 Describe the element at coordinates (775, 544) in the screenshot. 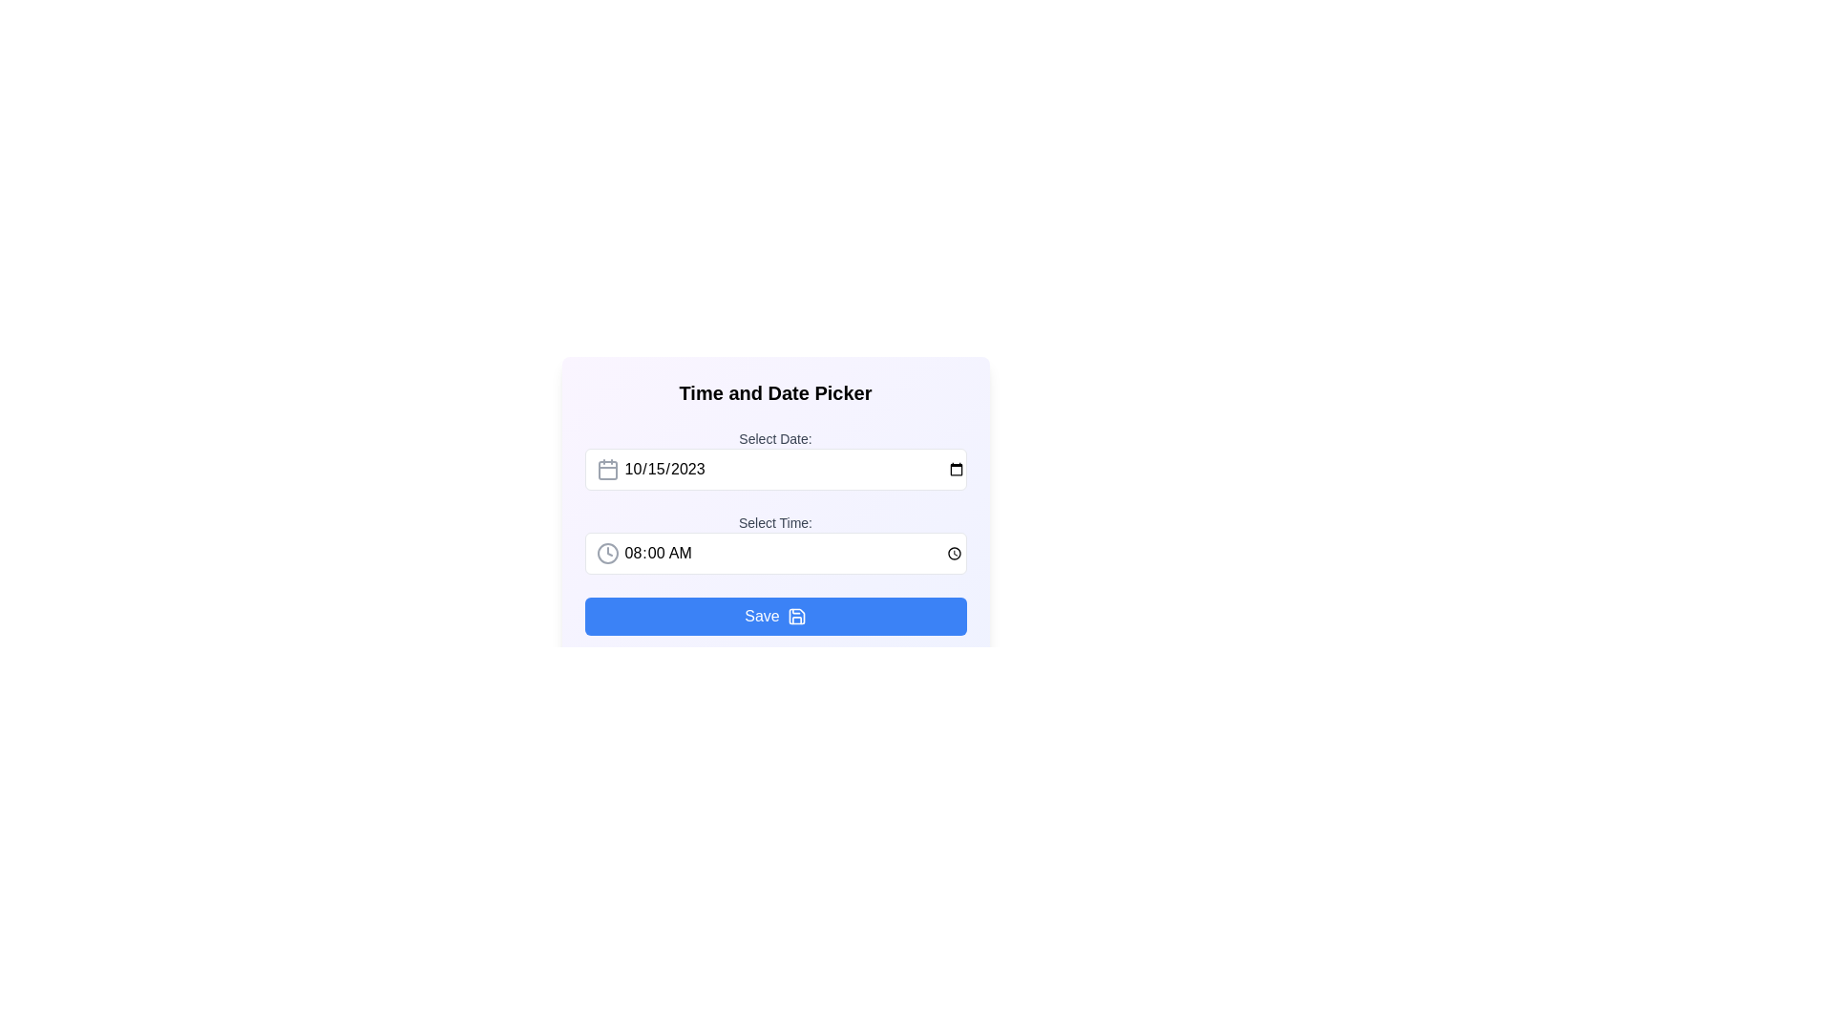

I see `the input field in the time selection component located beneath the 'Select Date:' input to set time` at that location.